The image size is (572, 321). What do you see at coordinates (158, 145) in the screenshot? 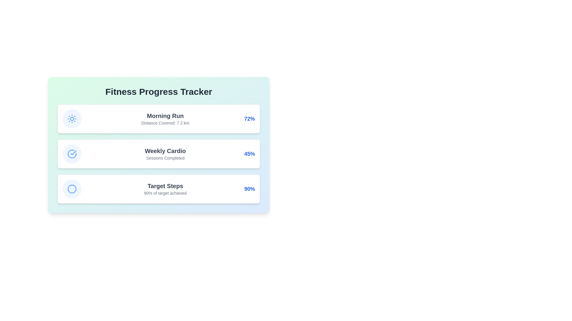
I see `the 'Weekly Cardio' information card, which is the second card in a vertical list of three cards` at bounding box center [158, 145].